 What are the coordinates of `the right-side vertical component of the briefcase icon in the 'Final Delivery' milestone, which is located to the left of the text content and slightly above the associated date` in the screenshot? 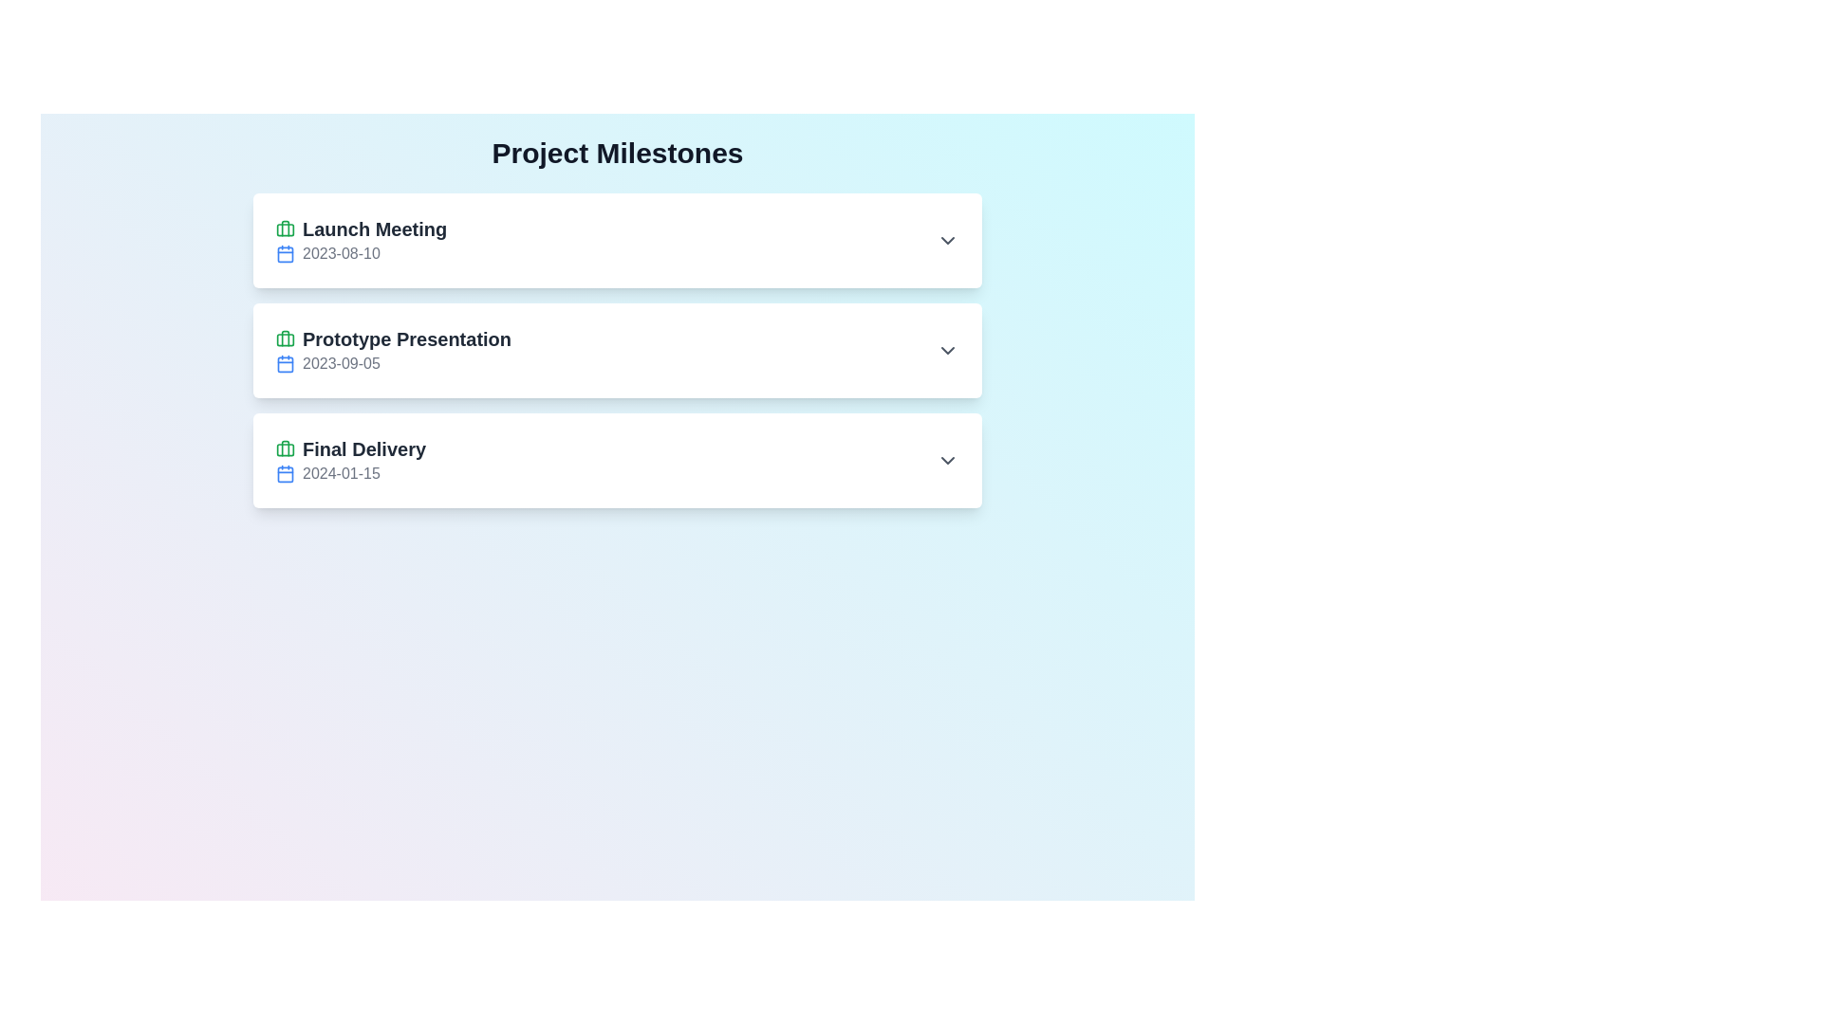 It's located at (285, 448).